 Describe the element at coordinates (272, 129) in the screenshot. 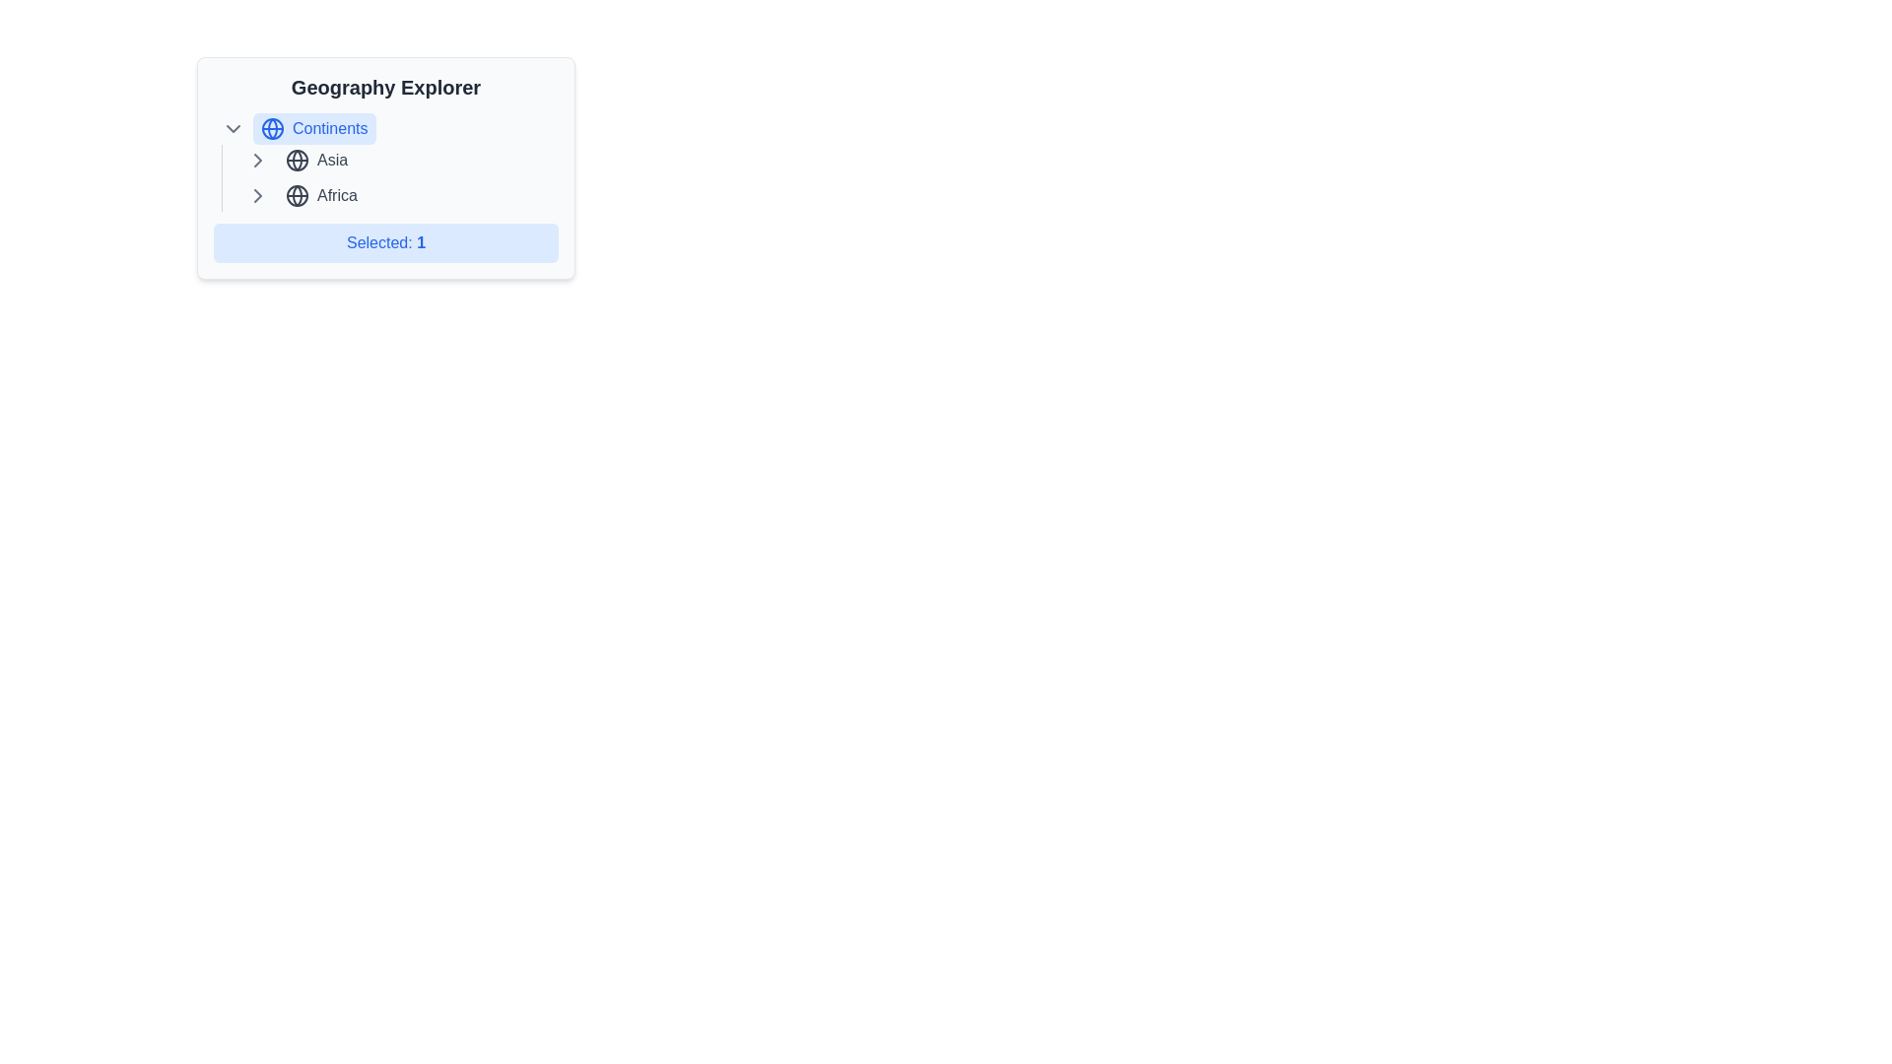

I see `the decorative circular vector graphic representing the globe icon located at the center of the SVG image adjacent to the text 'Continents'` at that location.